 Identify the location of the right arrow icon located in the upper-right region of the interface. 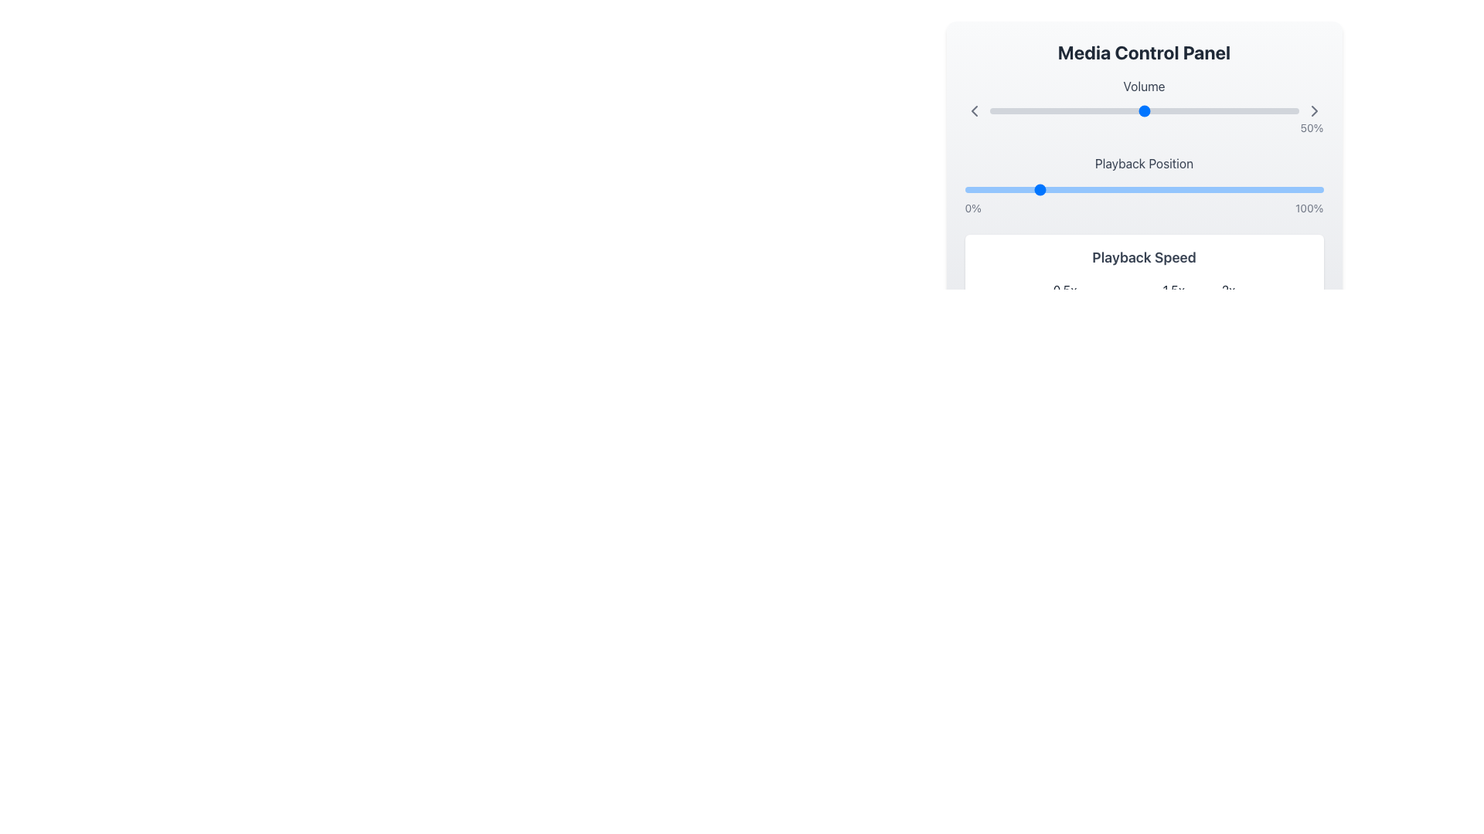
(1313, 110).